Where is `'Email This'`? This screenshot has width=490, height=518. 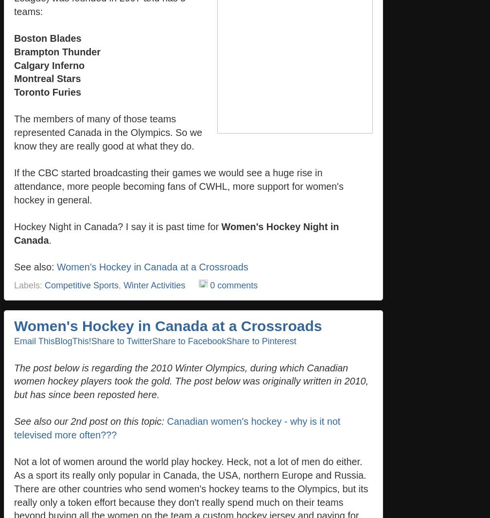 'Email This' is located at coordinates (14, 340).